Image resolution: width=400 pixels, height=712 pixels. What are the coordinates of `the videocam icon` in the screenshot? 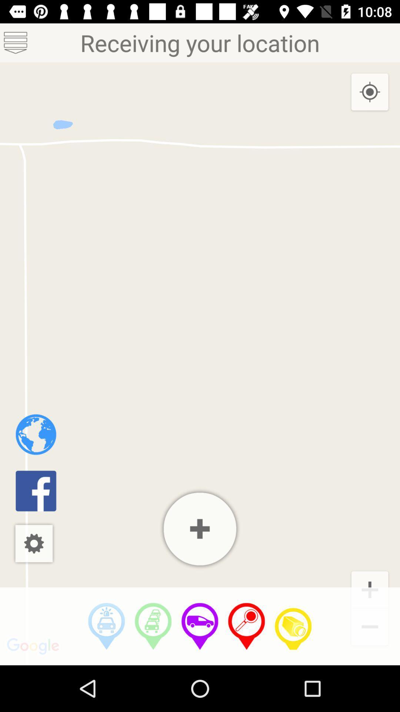 It's located at (293, 626).